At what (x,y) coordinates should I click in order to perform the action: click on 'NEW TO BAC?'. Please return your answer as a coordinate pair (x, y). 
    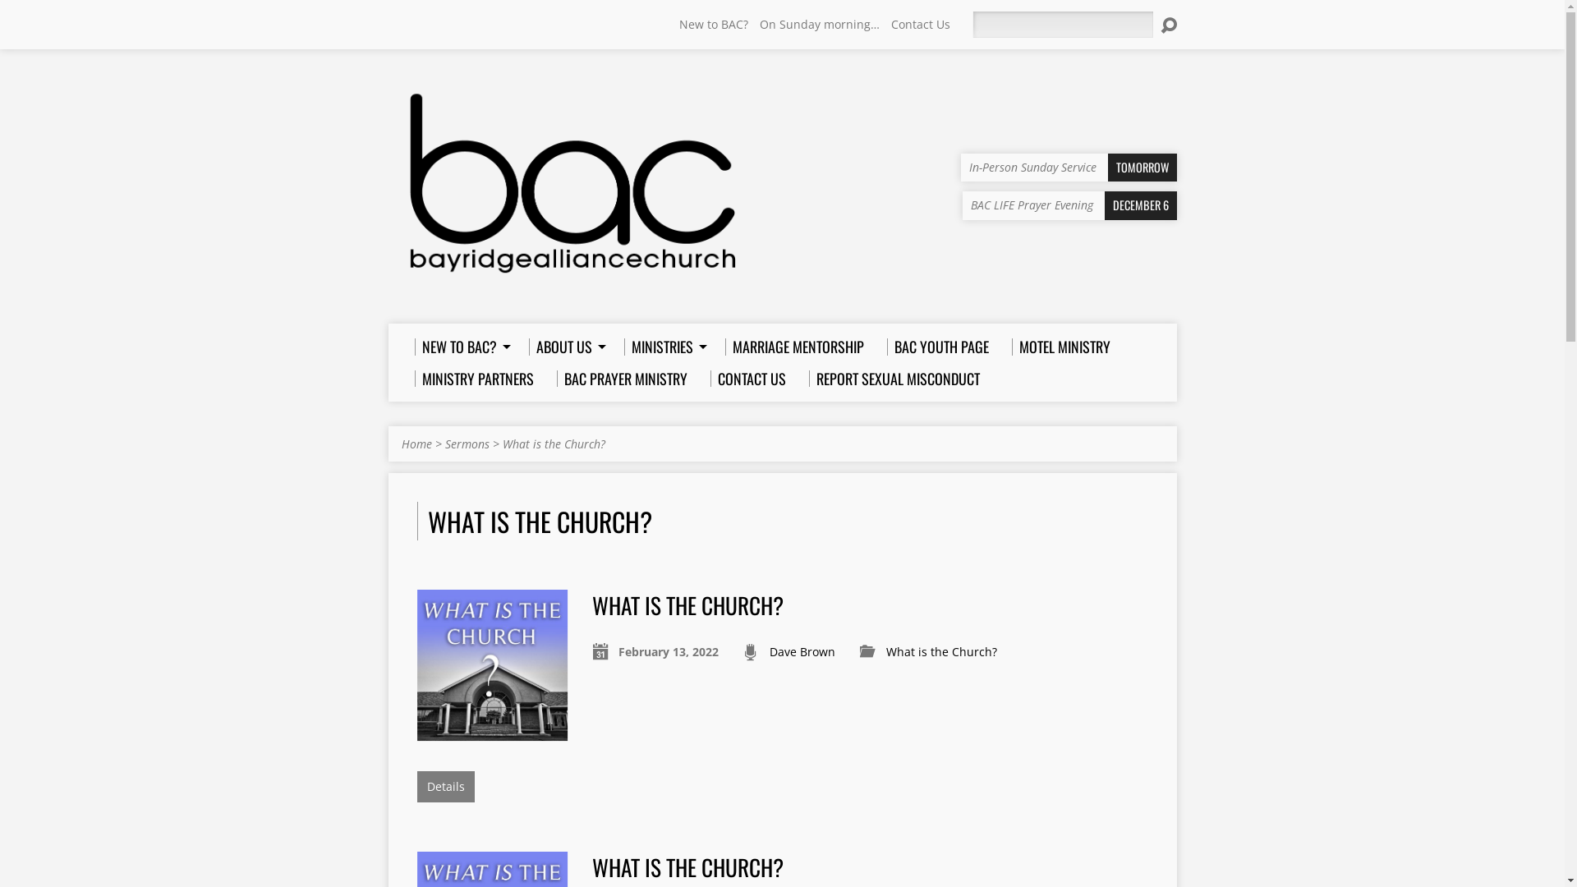
    Looking at the image, I should click on (459, 345).